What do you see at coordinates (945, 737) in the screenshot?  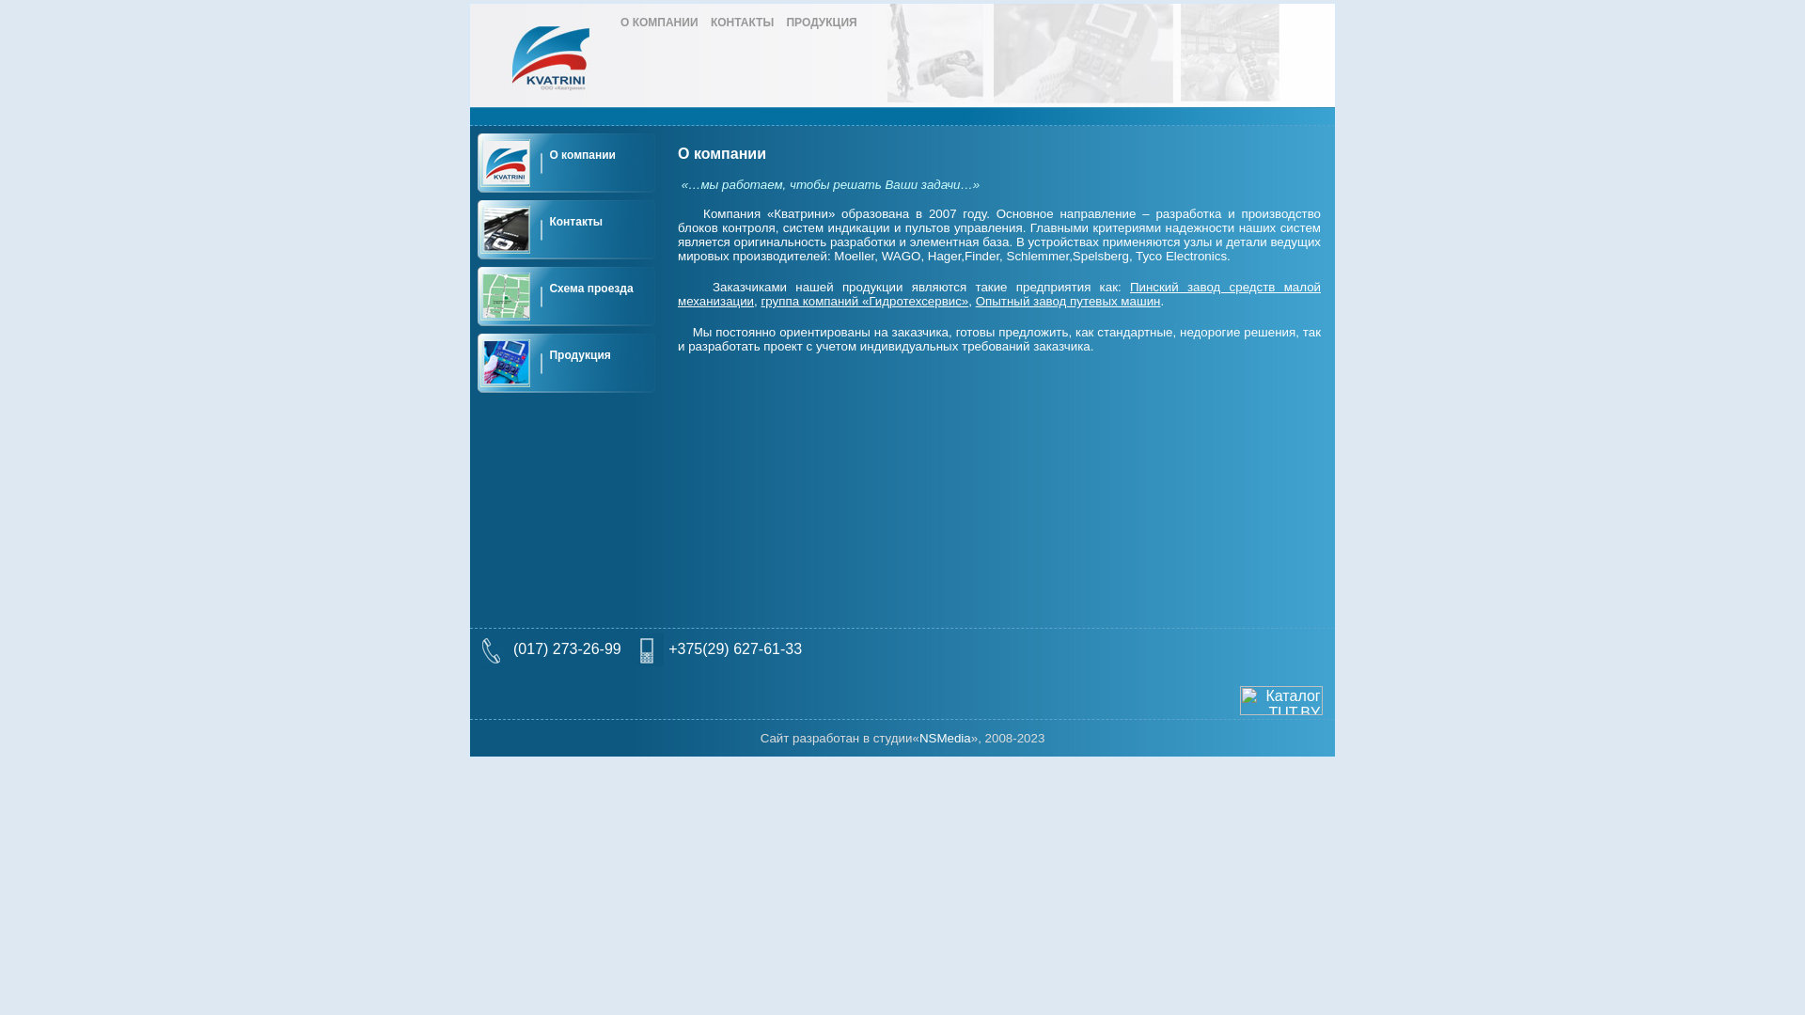 I see `'NSMedia'` at bounding box center [945, 737].